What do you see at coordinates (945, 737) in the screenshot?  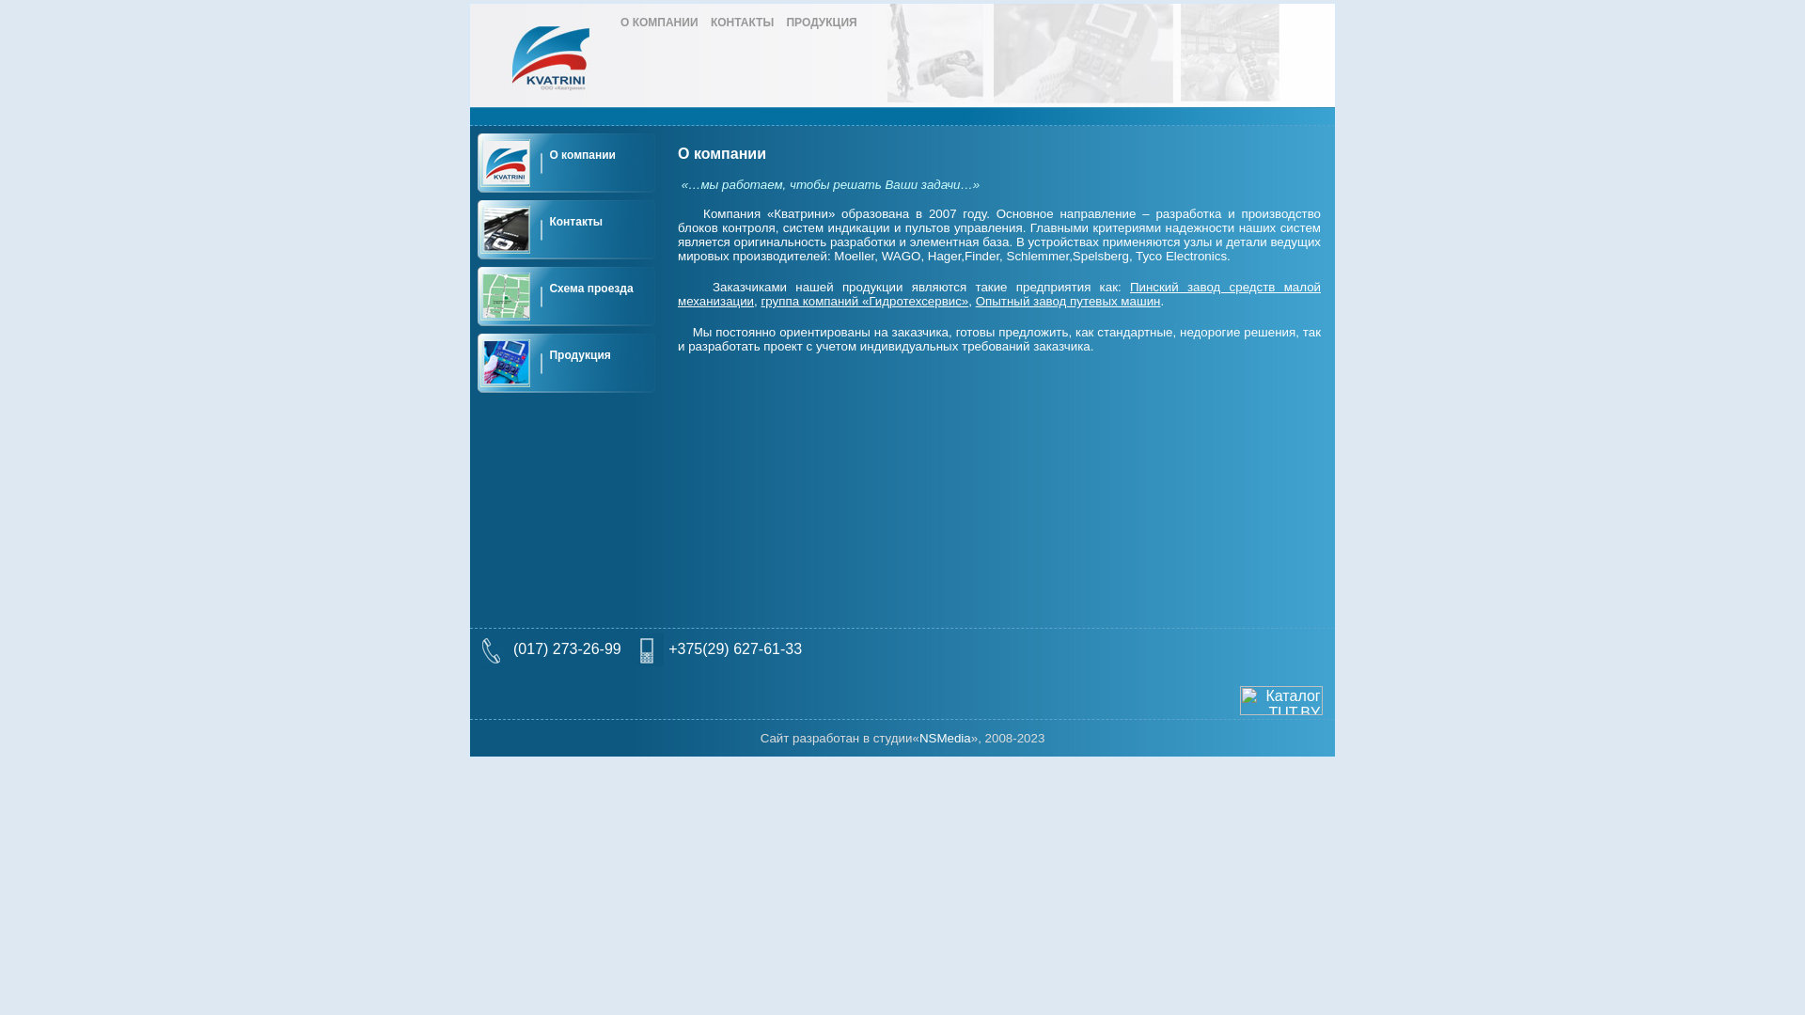 I see `'NSMedia'` at bounding box center [945, 737].